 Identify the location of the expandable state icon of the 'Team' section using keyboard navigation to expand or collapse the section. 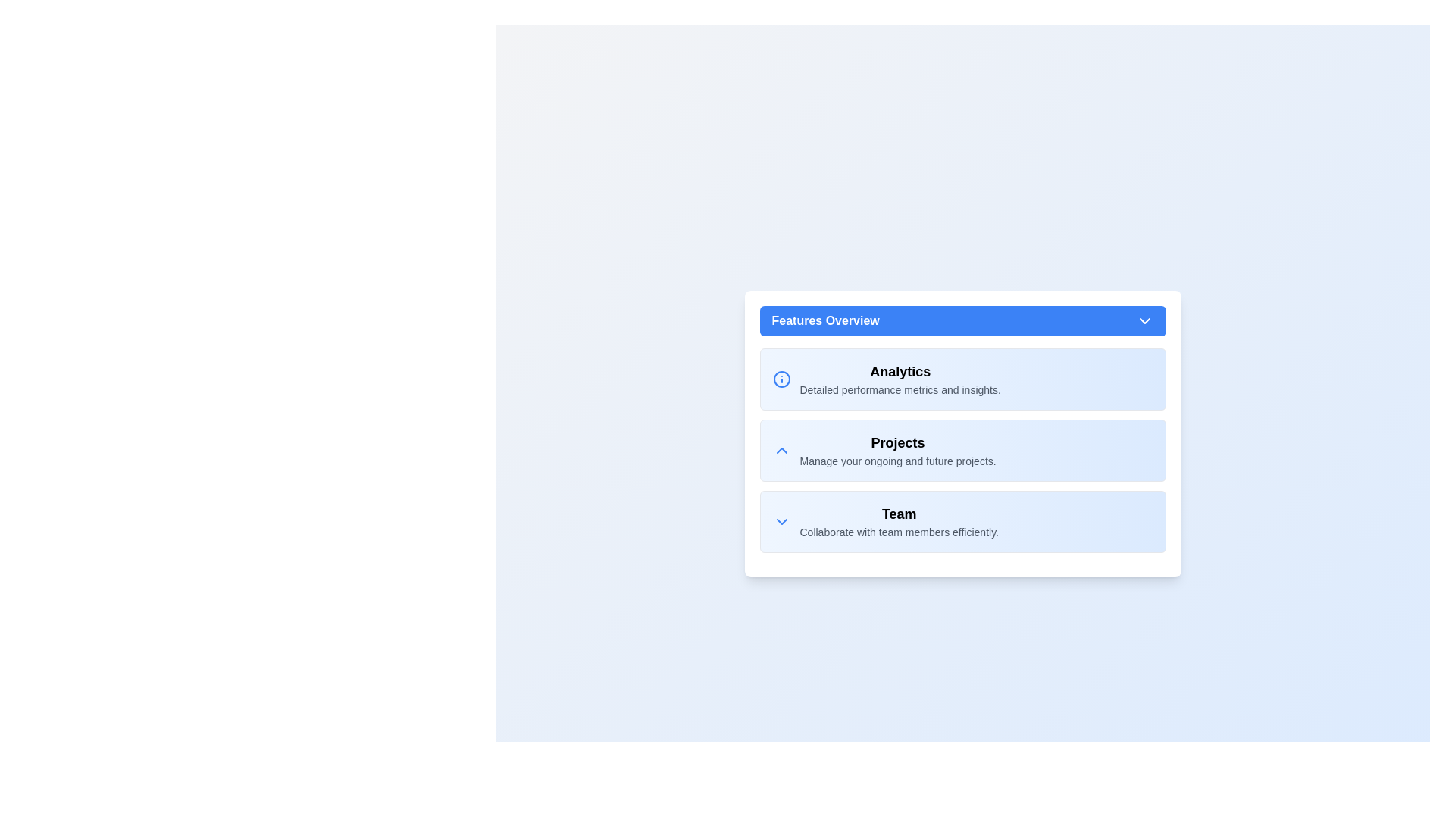
(781, 521).